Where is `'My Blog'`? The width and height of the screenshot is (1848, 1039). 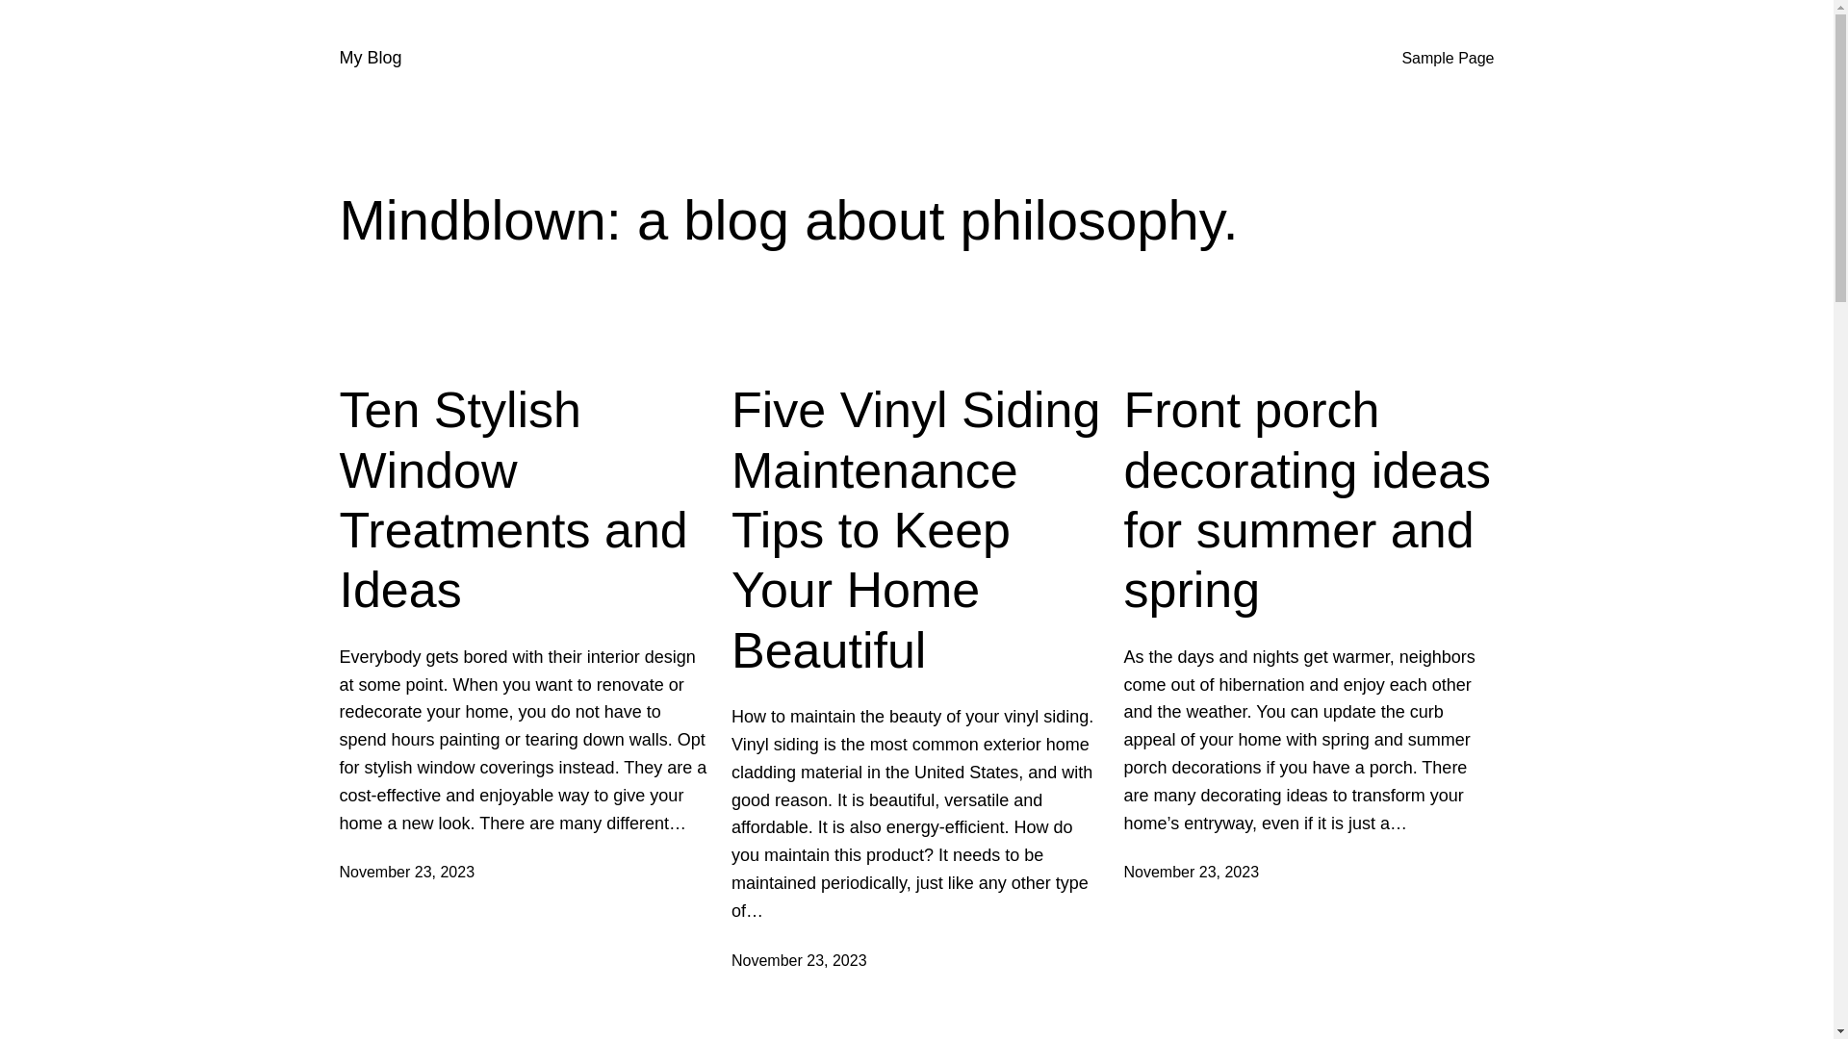 'My Blog' is located at coordinates (370, 57).